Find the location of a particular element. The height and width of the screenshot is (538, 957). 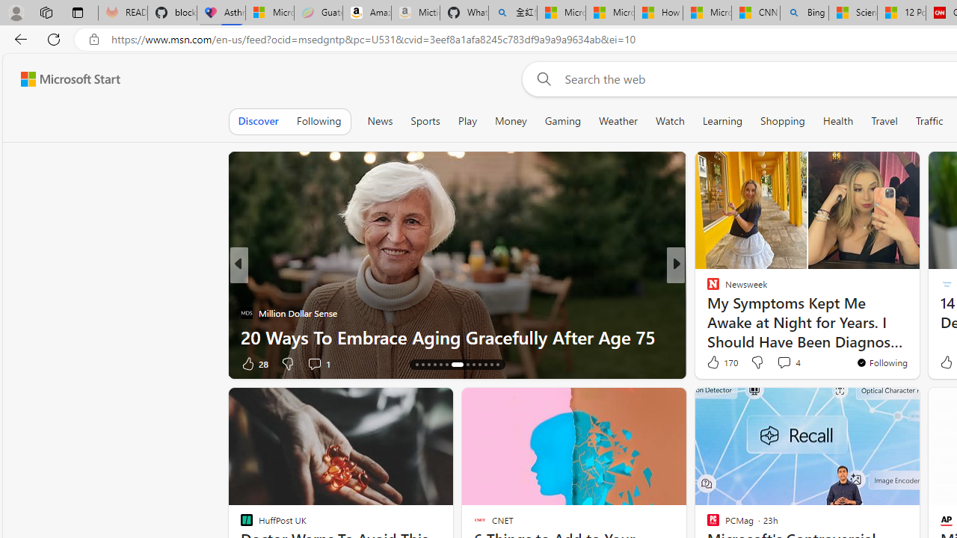

'170 Like' is located at coordinates (721, 362).